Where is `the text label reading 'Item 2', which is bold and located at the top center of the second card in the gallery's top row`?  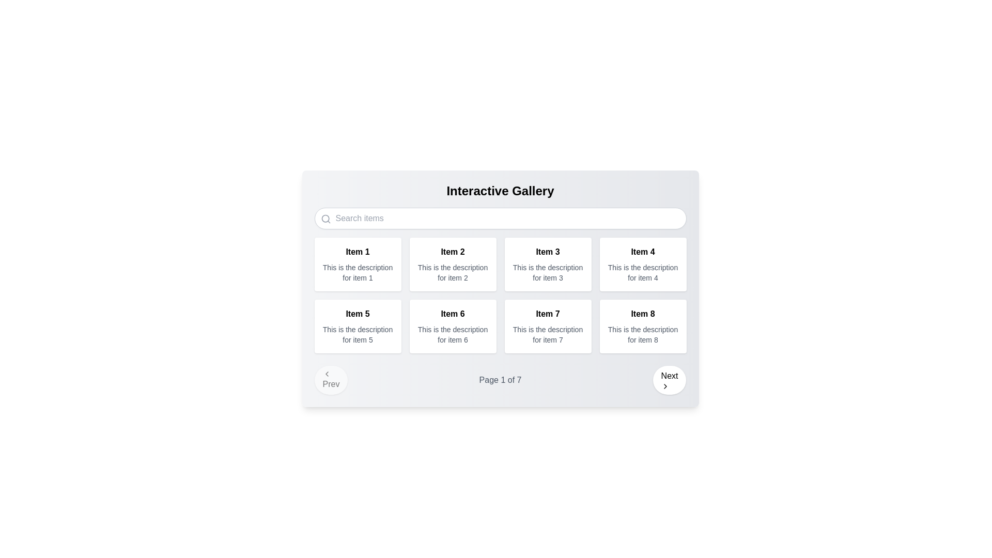 the text label reading 'Item 2', which is bold and located at the top center of the second card in the gallery's top row is located at coordinates (453, 252).